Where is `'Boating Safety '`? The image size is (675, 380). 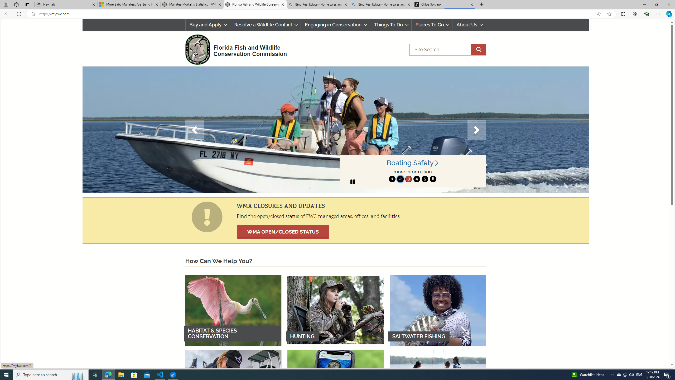
'Boating Safety ' is located at coordinates (413, 163).